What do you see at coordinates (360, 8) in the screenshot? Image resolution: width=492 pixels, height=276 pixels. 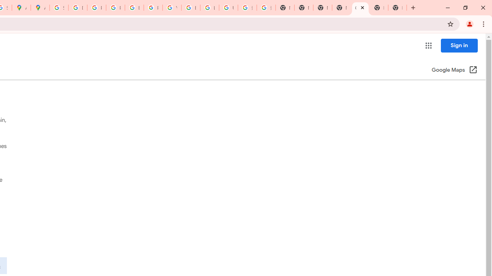 I see `'Crisis-related alerts in Google Maps - Google Maps Help'` at bounding box center [360, 8].